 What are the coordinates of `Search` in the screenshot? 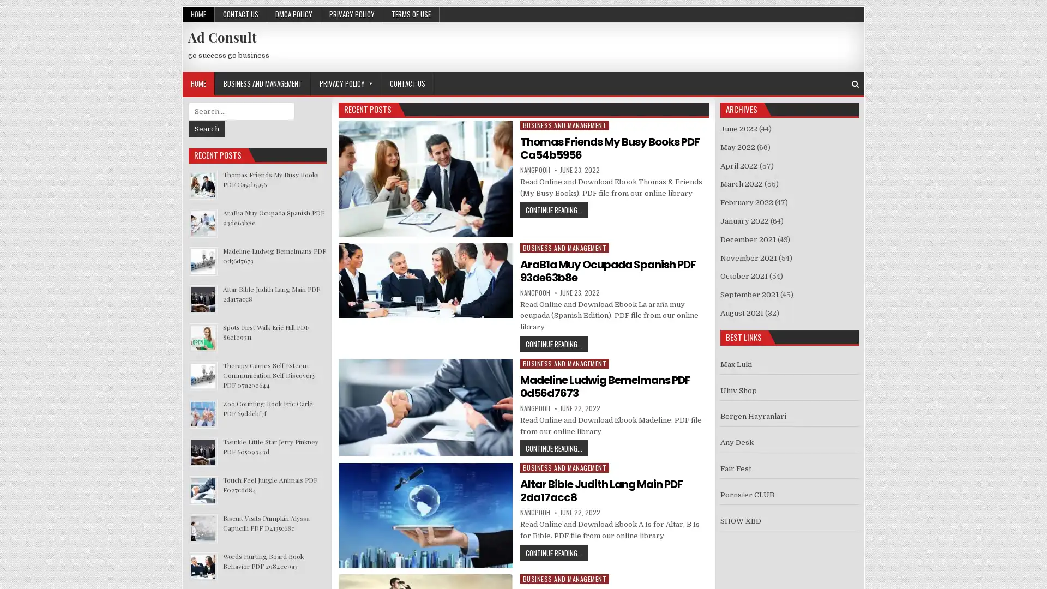 It's located at (206, 128).